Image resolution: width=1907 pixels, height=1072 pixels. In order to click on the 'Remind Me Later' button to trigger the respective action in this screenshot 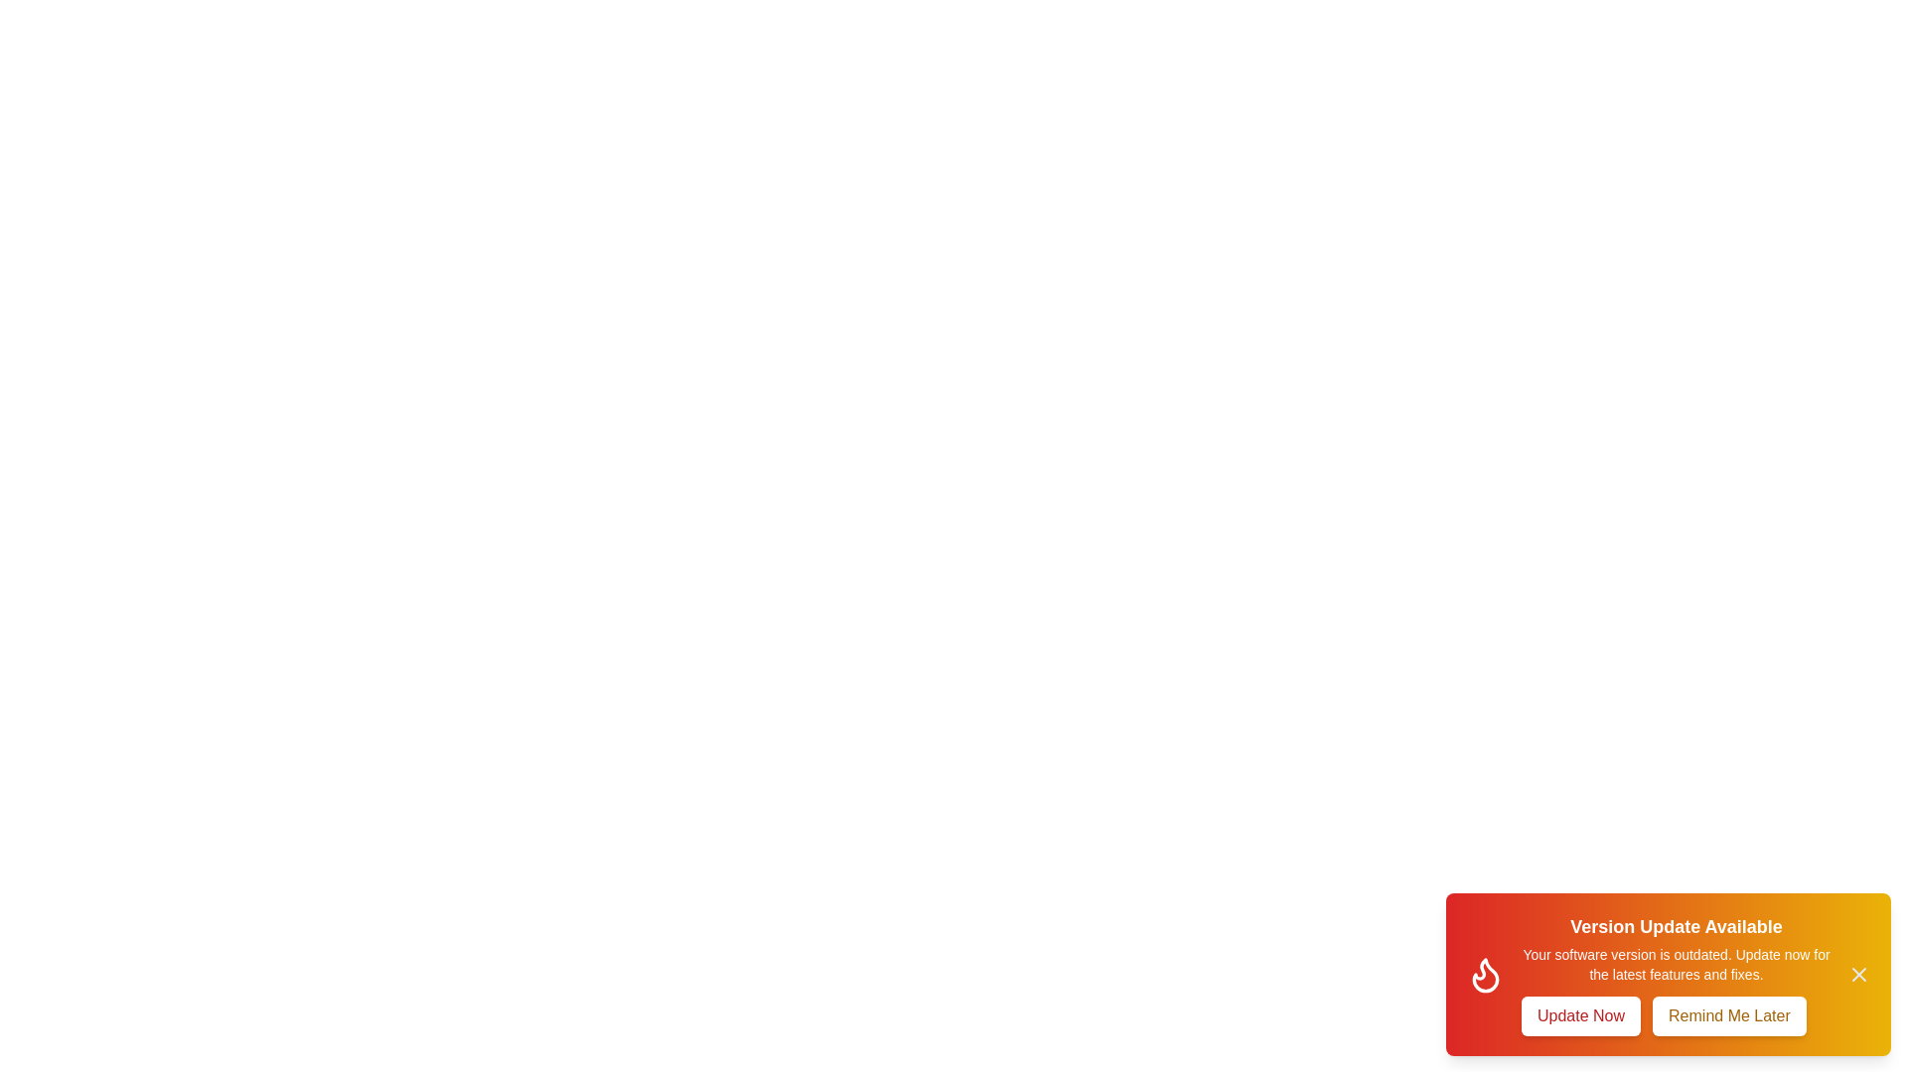, I will do `click(1728, 1015)`.